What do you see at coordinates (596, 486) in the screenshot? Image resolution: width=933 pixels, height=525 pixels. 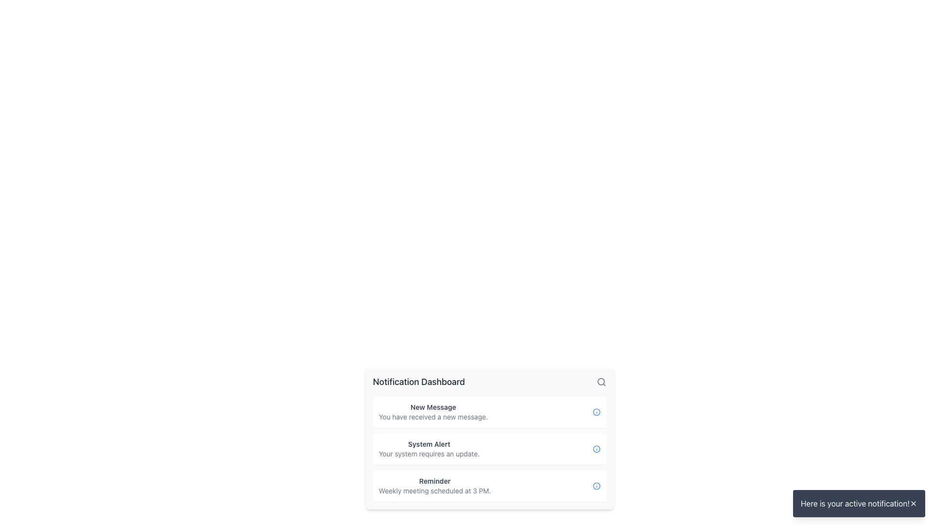 I see `the information icon located at the far-right side of the 'Reminder' notification box` at bounding box center [596, 486].